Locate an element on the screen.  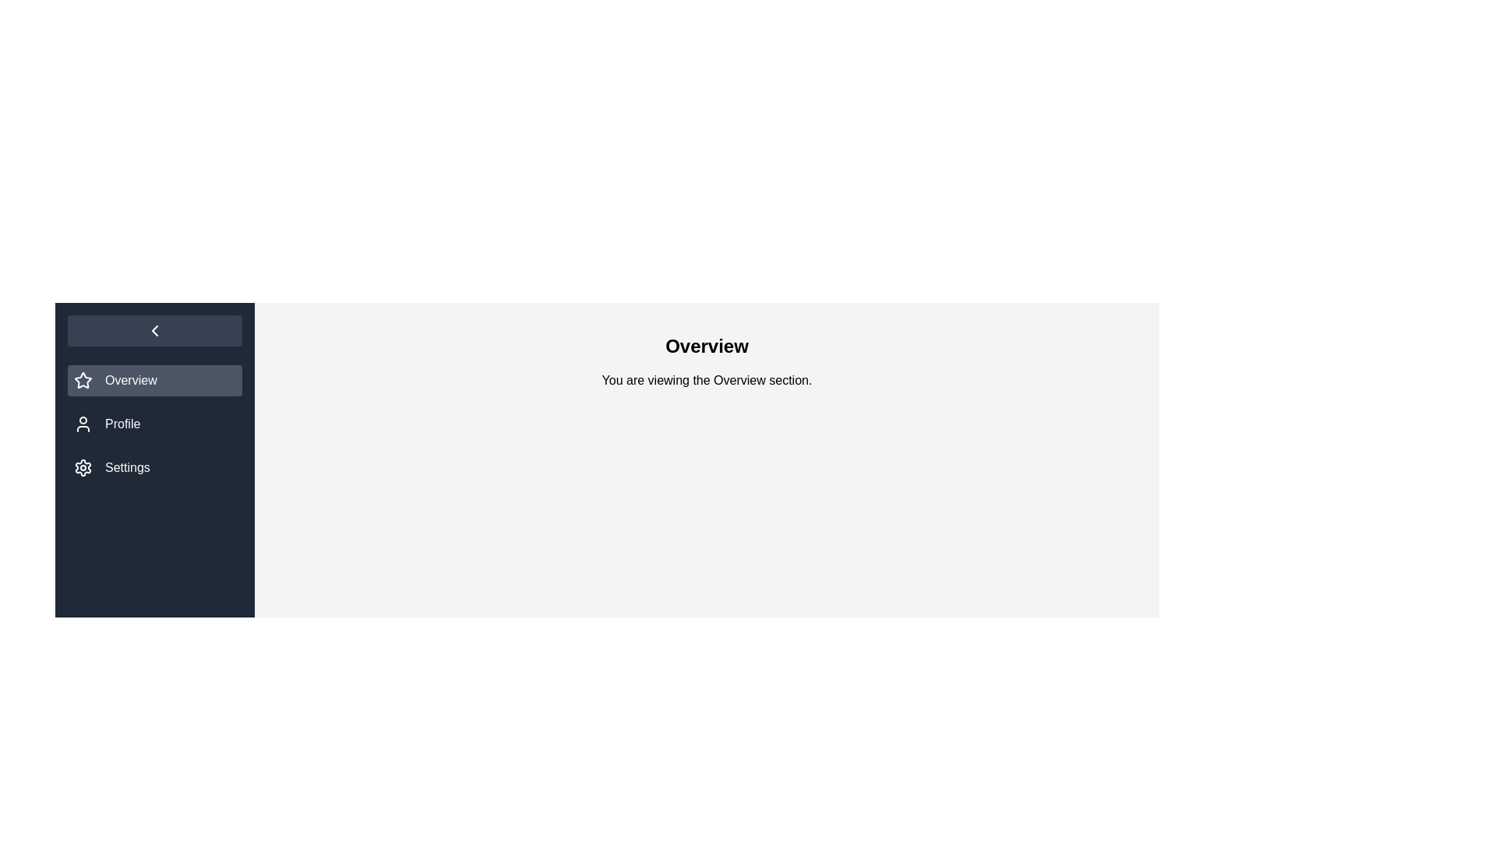
the Profile tab from the menu is located at coordinates (154, 424).